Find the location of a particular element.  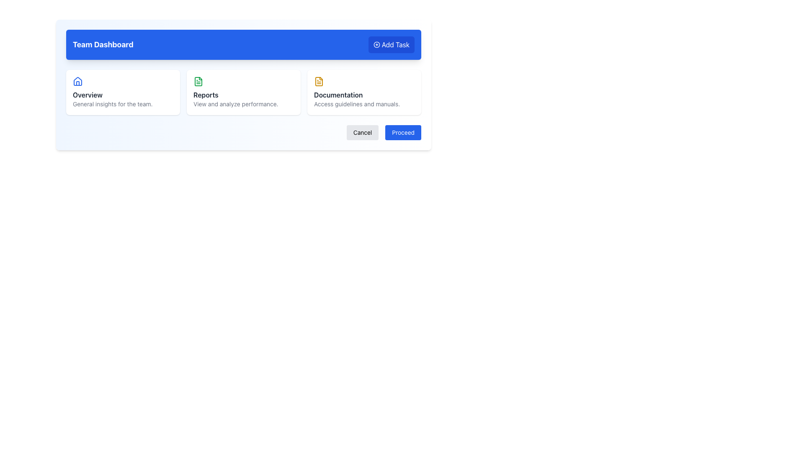

the text element that displays 'Access guidelines and manuals.' in a small, gray font, located at the bottom of the Documentation card is located at coordinates (357, 104).